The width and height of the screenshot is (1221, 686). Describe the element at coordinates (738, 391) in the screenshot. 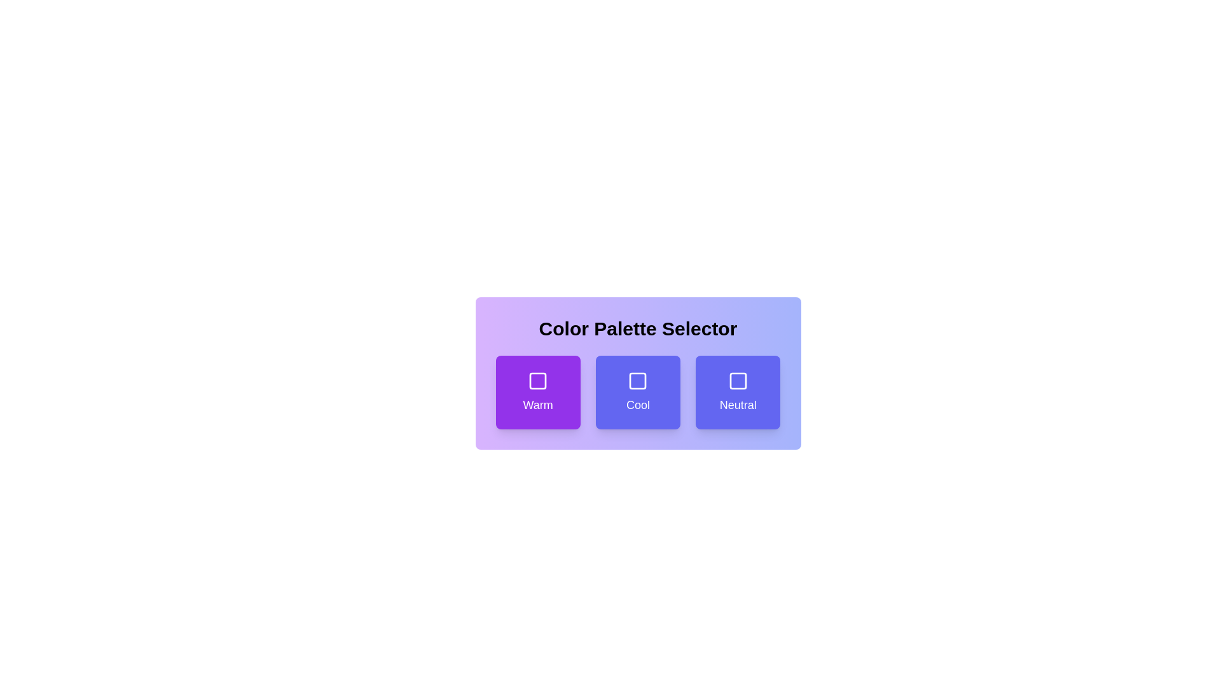

I see `the Neutral button to activate it` at that location.